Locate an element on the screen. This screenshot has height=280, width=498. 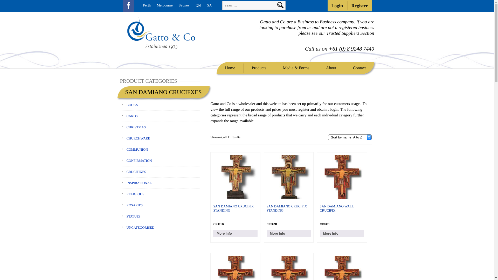
'SAN DAMIANO WALL CRUCIFIX is located at coordinates (342, 191).